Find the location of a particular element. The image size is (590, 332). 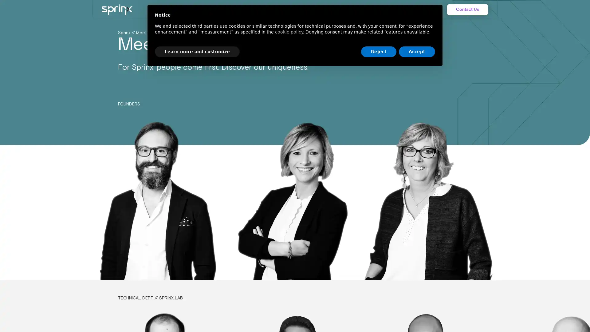

Reject is located at coordinates (378, 51).